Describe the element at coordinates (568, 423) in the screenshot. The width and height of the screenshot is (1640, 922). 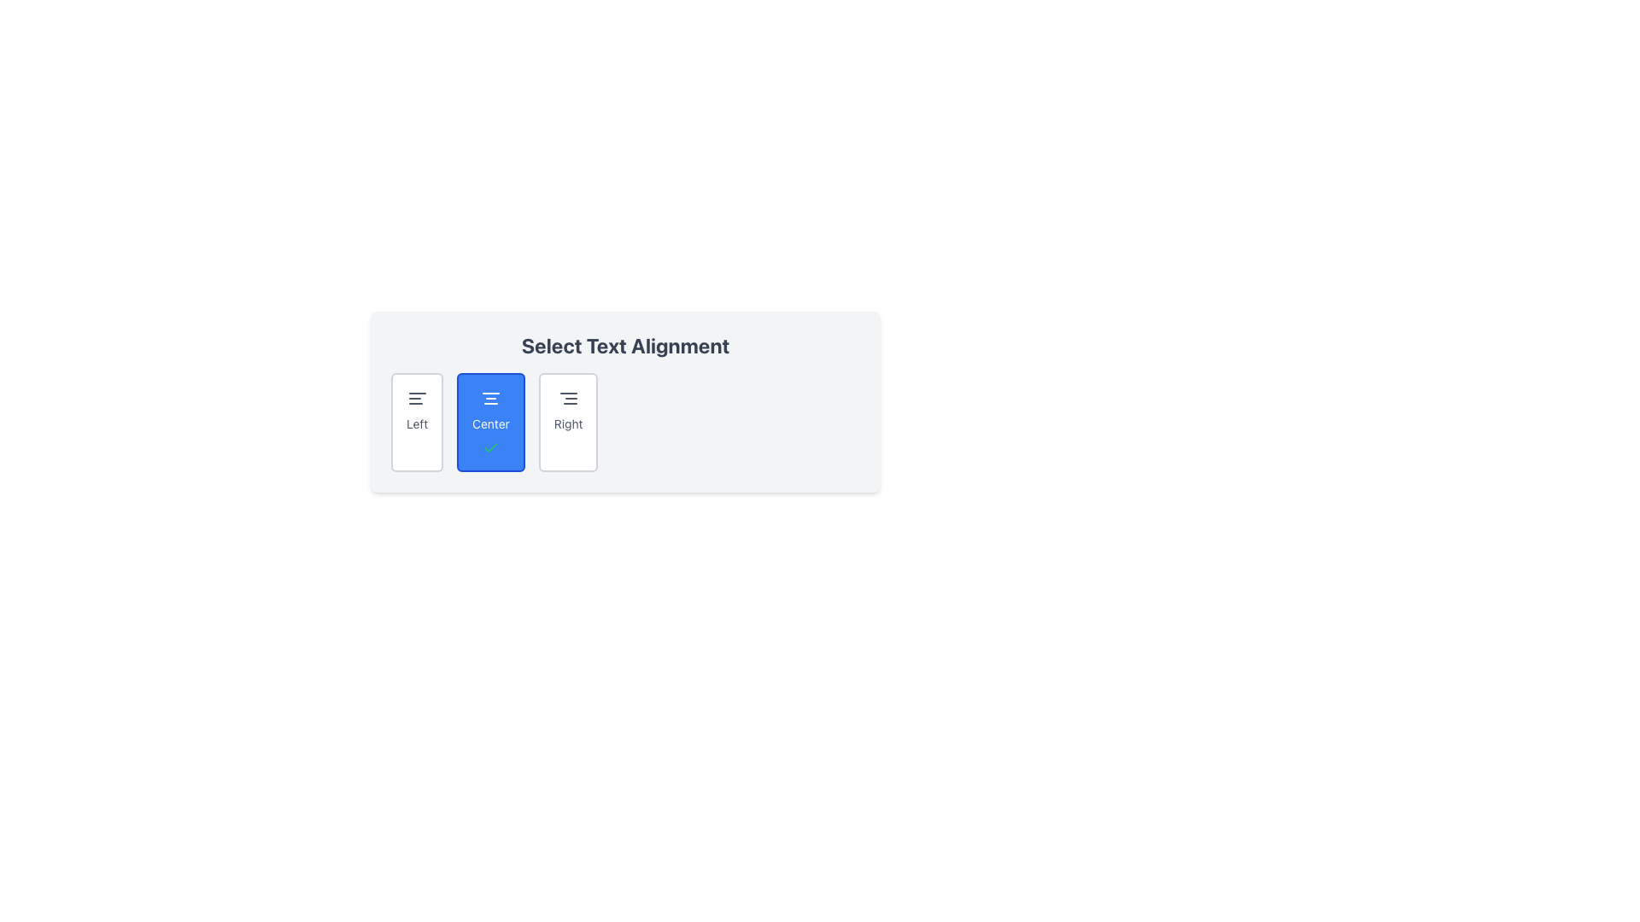
I see `the Text Label indicating right text alignment located beneath the right-aligned text icon in the rightmost card of a three-card group` at that location.